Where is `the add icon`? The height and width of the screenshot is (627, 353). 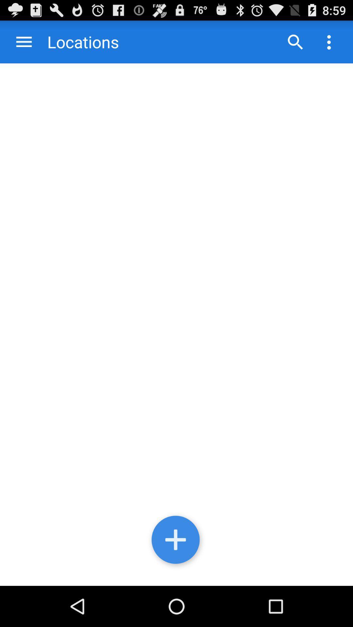 the add icon is located at coordinates (176, 579).